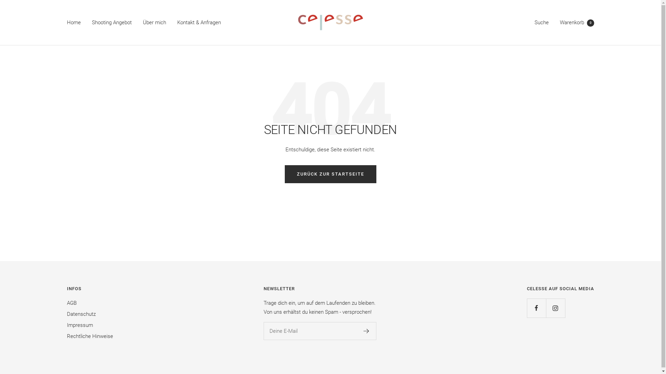 The height and width of the screenshot is (374, 666). What do you see at coordinates (91, 22) in the screenshot?
I see `'Shooting Angebot'` at bounding box center [91, 22].